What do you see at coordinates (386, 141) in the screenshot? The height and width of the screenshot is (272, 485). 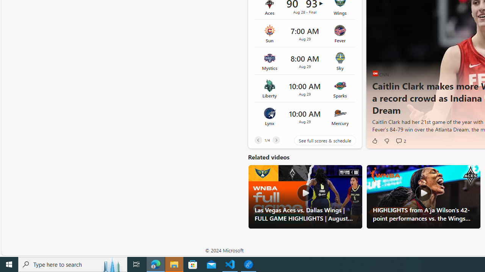 I see `'Dislike'` at bounding box center [386, 141].